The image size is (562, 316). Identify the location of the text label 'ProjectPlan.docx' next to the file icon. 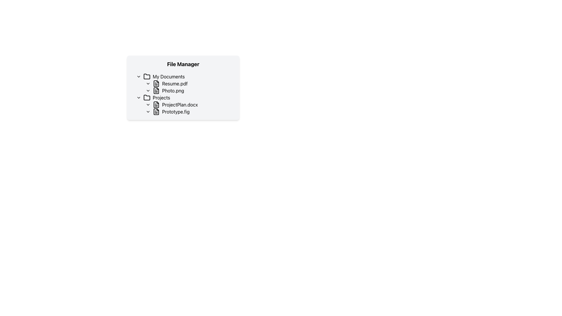
(190, 104).